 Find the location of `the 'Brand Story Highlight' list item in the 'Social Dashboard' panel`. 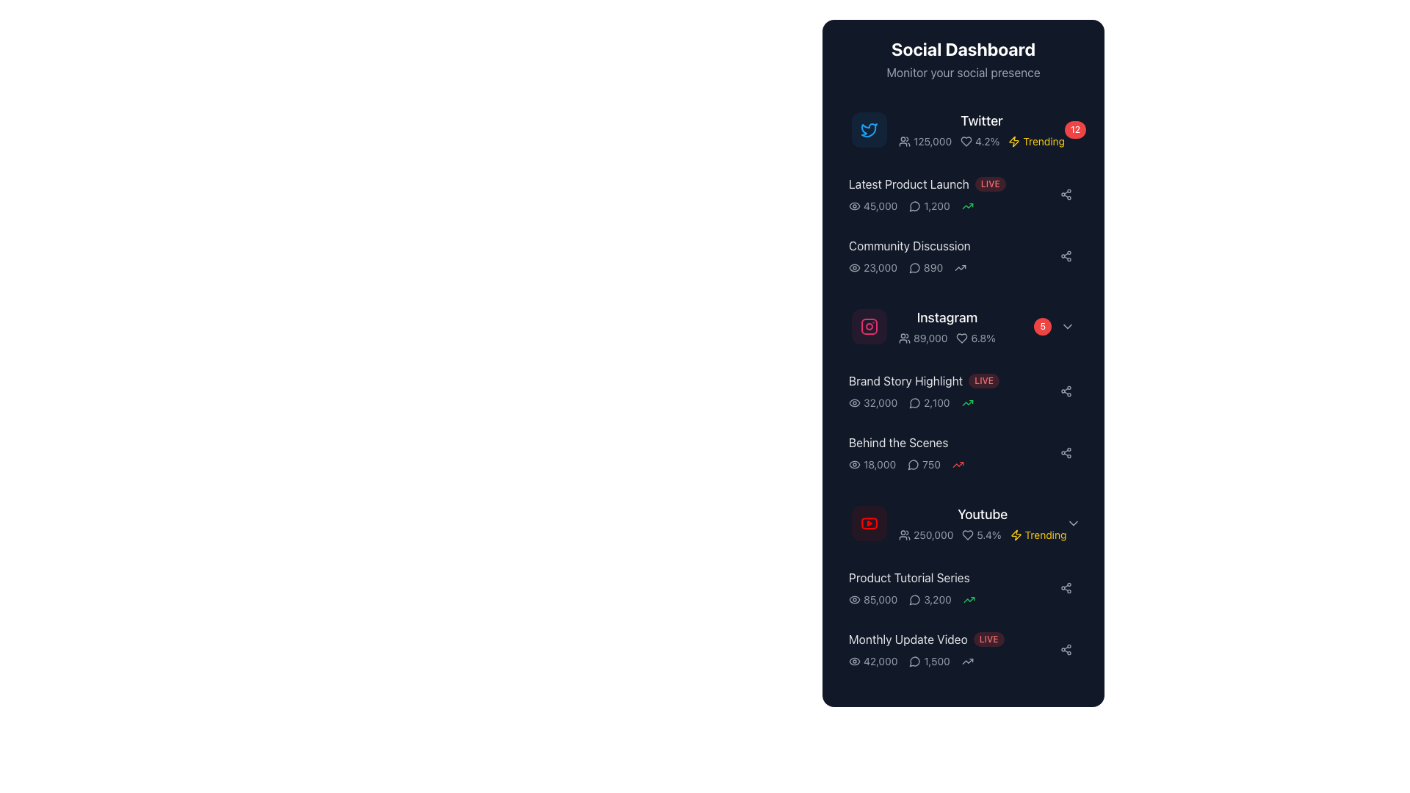

the 'Brand Story Highlight' list item in the 'Social Dashboard' panel is located at coordinates (963, 390).